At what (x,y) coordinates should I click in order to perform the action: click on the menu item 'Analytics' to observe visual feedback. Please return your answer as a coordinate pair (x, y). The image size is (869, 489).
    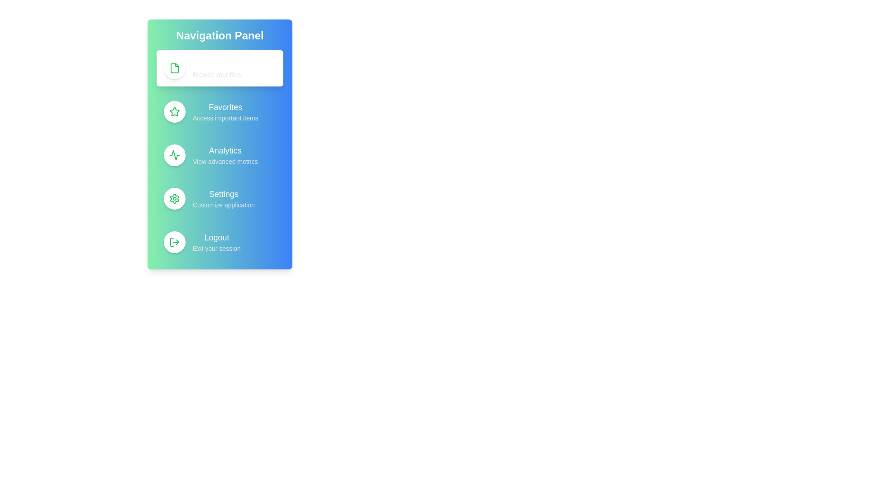
    Looking at the image, I should click on (220, 155).